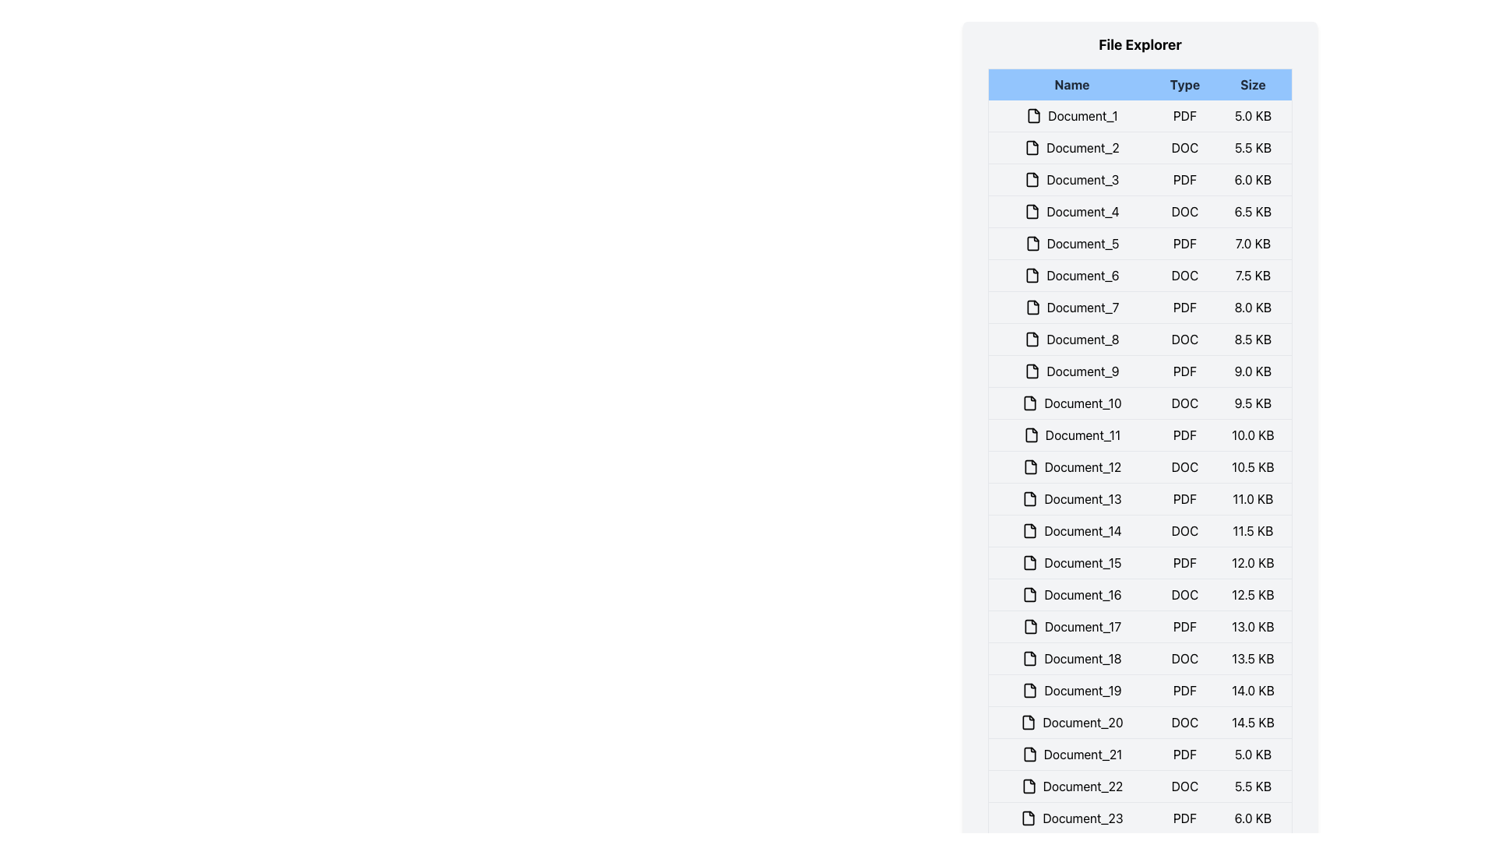  What do you see at coordinates (1030, 690) in the screenshot?
I see `the file icon representing 'Document_19', which is a rectangular shape with a bent upper corner, located in the file explorer list` at bounding box center [1030, 690].